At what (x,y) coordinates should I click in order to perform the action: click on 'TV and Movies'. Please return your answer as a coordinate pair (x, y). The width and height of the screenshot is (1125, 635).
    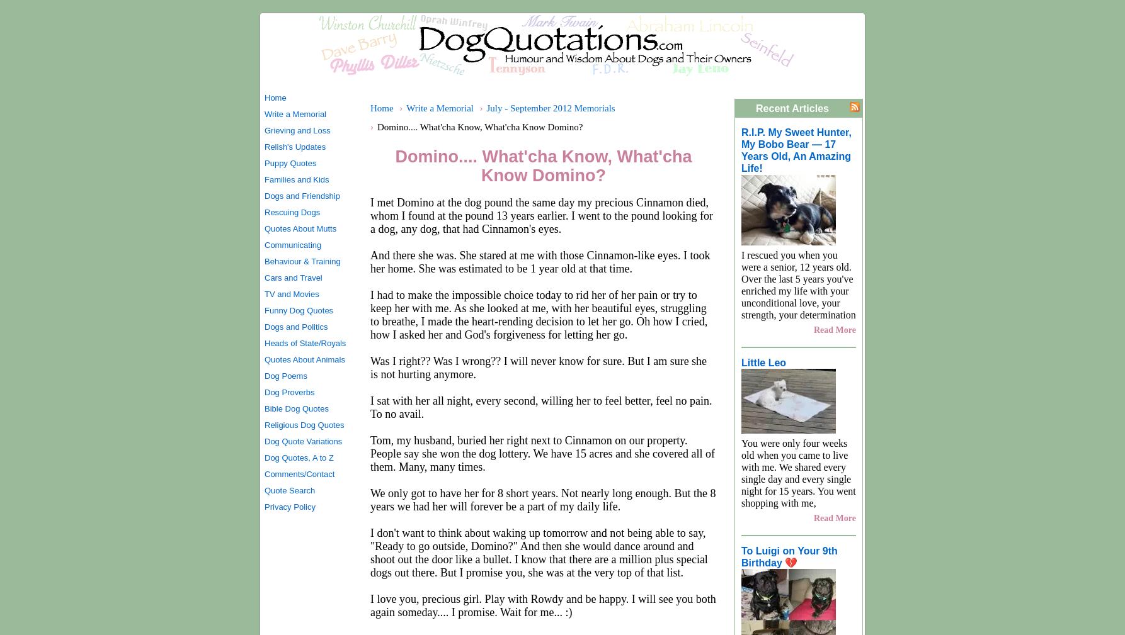
    Looking at the image, I should click on (290, 293).